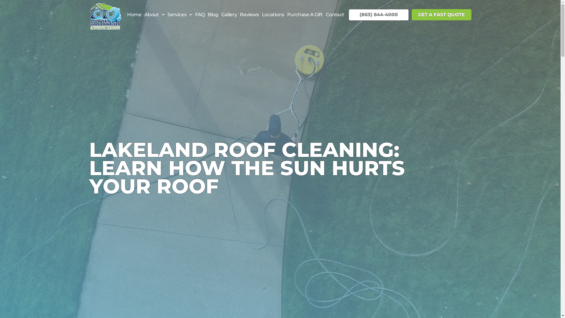 The image size is (565, 318). What do you see at coordinates (154, 14) in the screenshot?
I see `'About'` at bounding box center [154, 14].